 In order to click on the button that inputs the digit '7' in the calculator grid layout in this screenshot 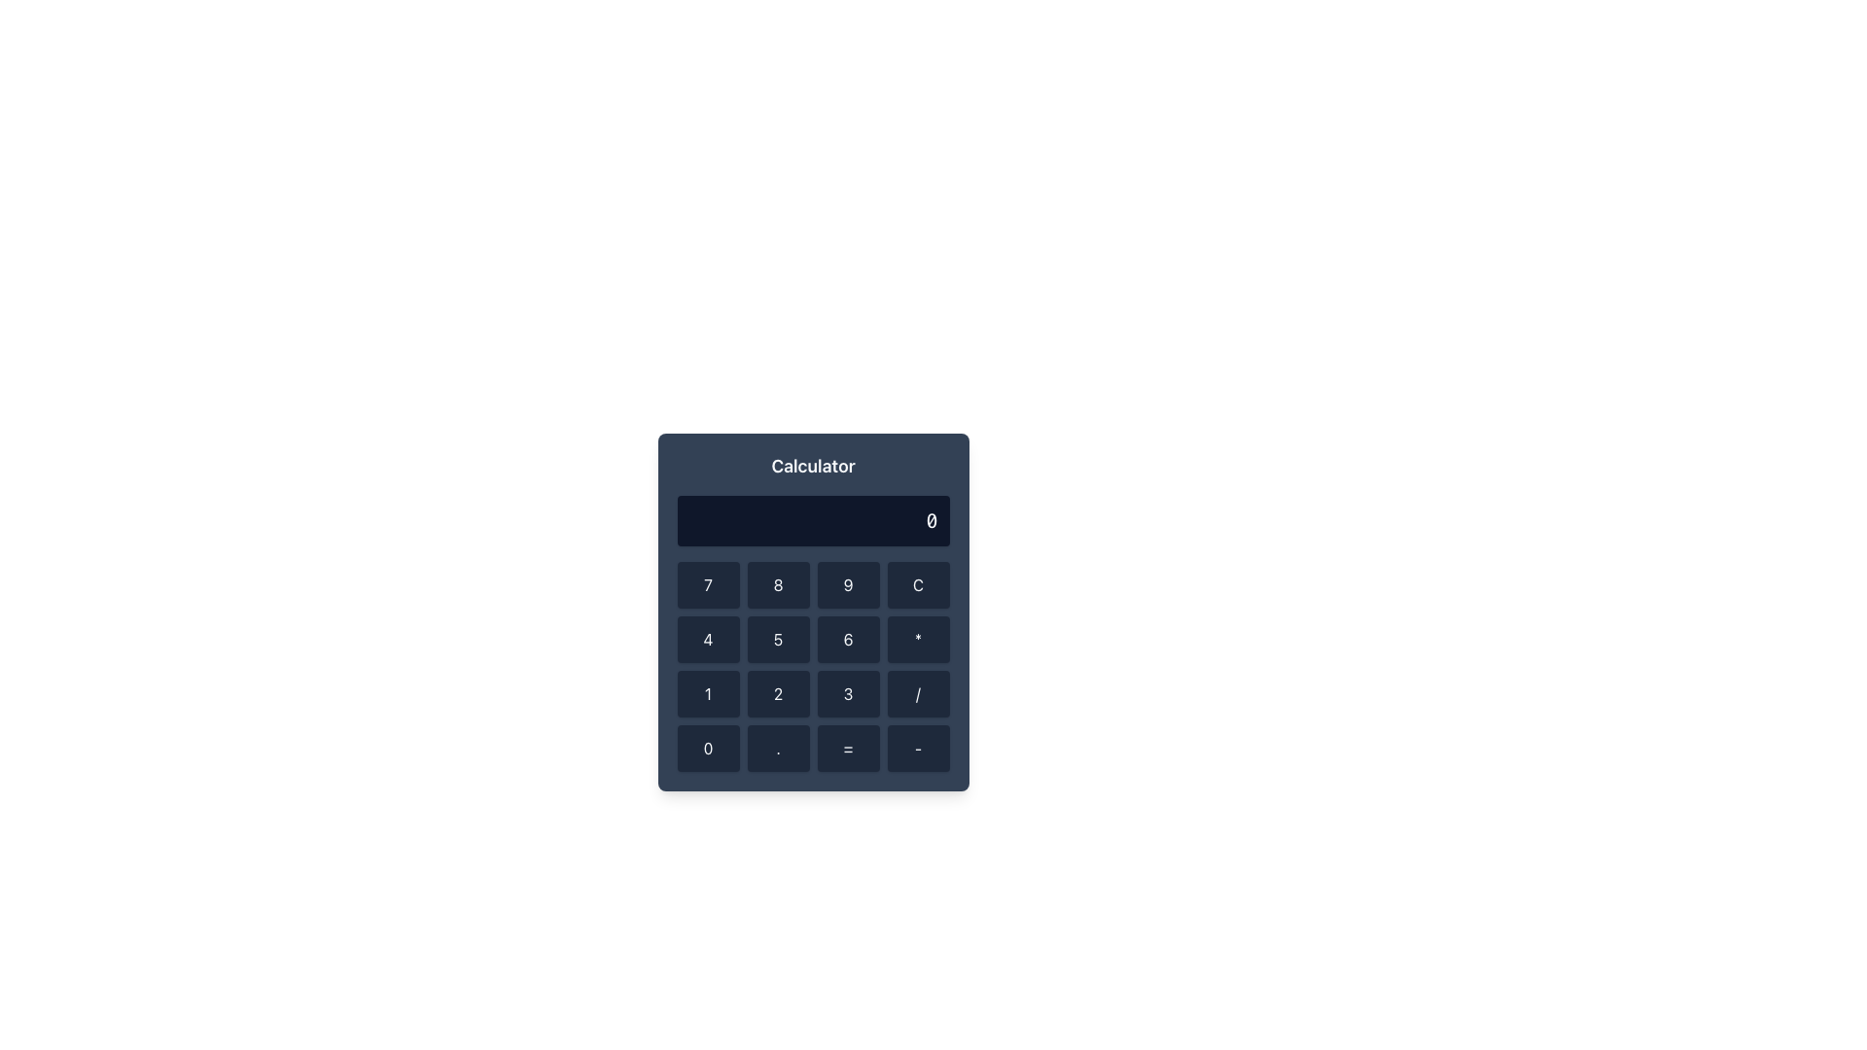, I will do `click(707, 583)`.